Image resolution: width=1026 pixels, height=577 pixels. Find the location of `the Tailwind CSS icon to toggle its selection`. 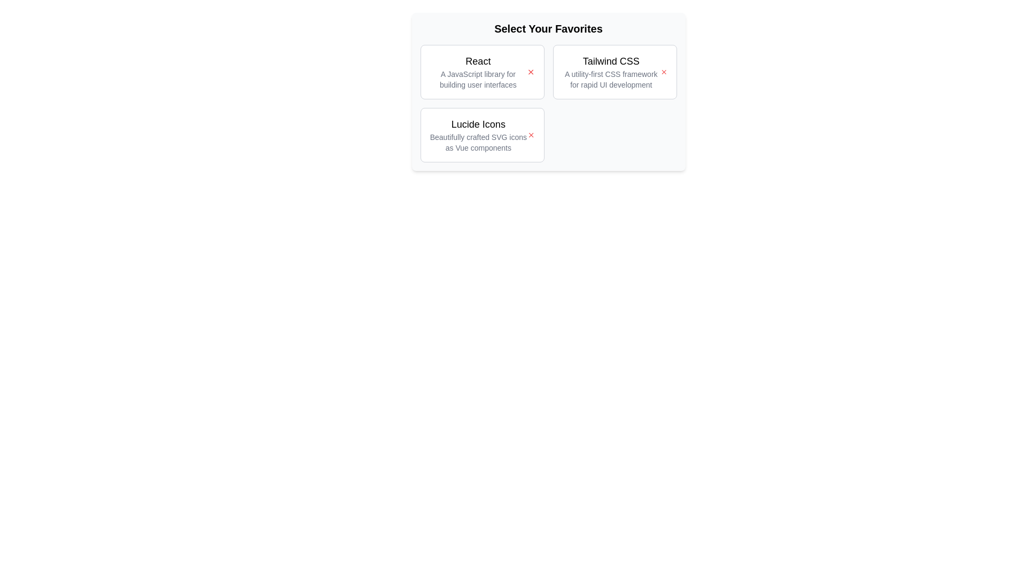

the Tailwind CSS icon to toggle its selection is located at coordinates (663, 72).